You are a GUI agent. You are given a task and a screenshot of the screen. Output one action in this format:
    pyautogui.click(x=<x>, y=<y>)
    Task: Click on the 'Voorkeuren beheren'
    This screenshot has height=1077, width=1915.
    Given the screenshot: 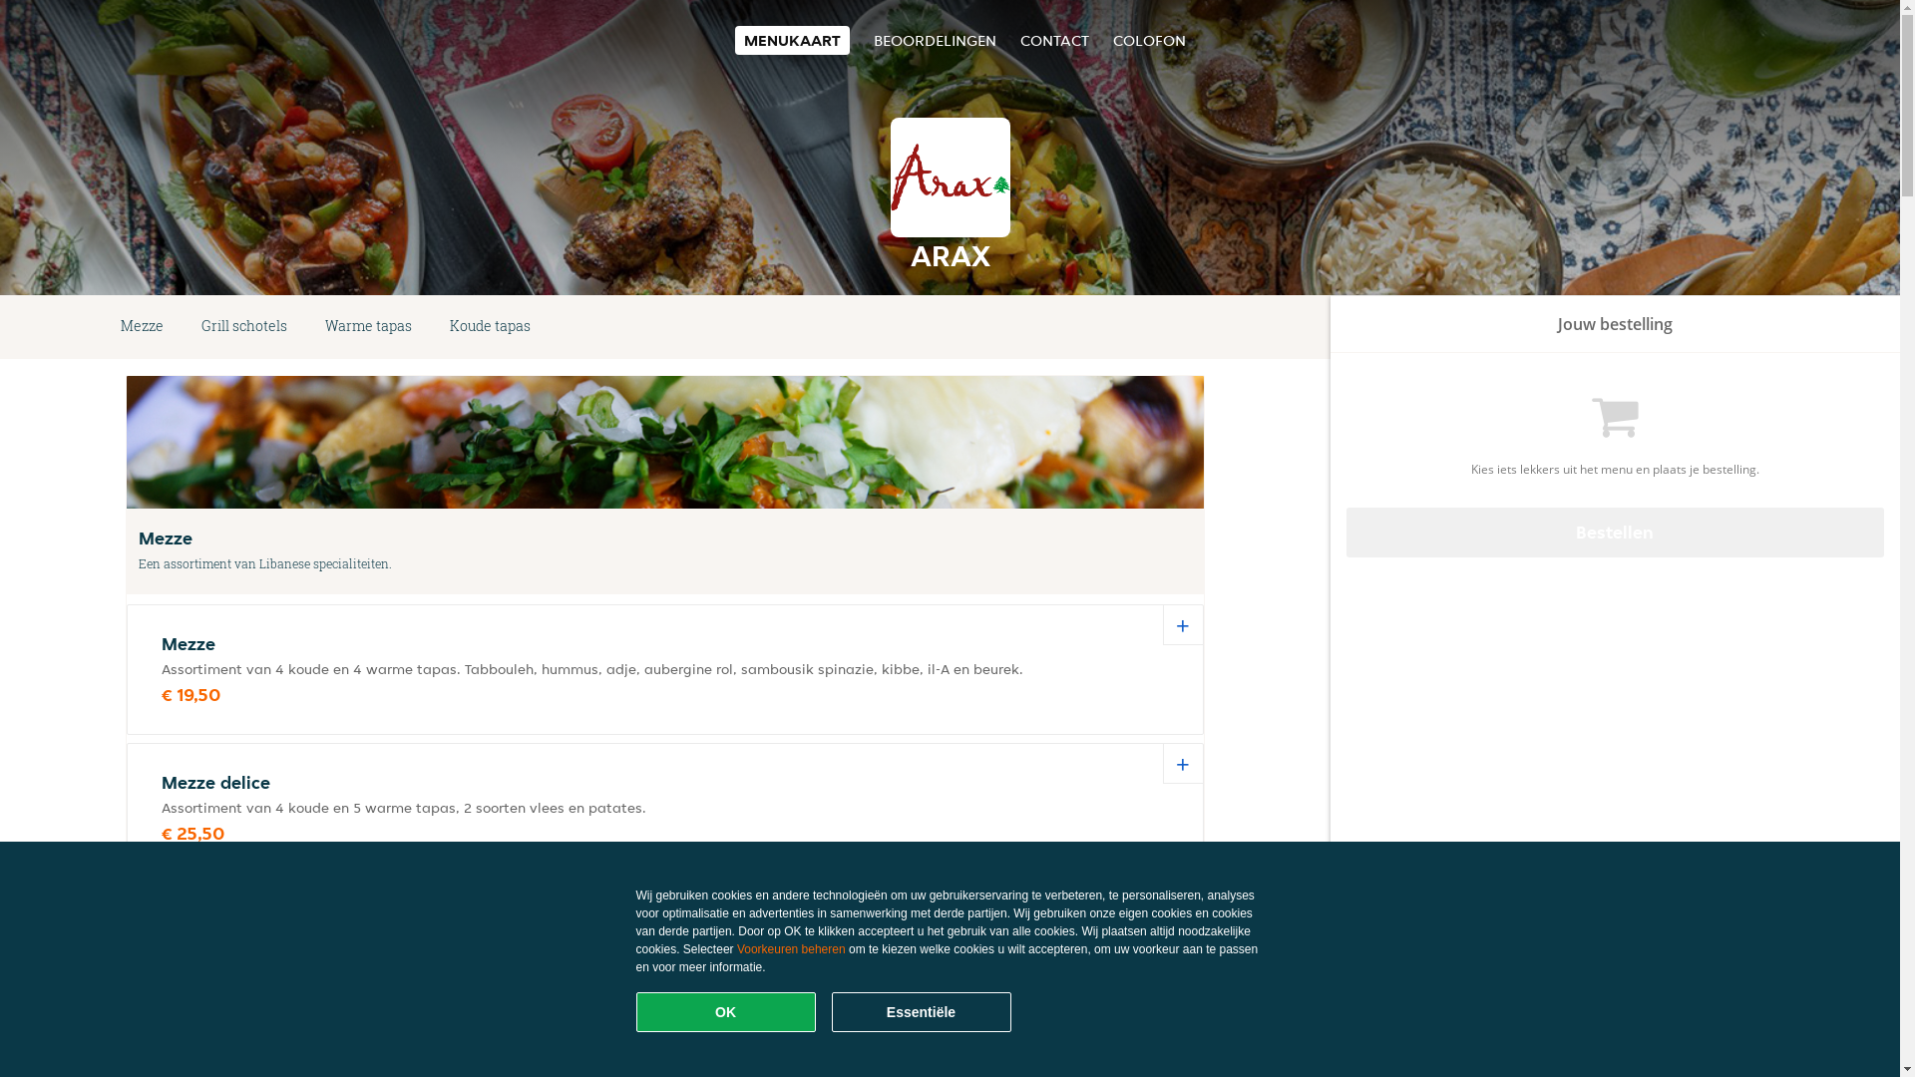 What is the action you would take?
    pyautogui.click(x=790, y=948)
    